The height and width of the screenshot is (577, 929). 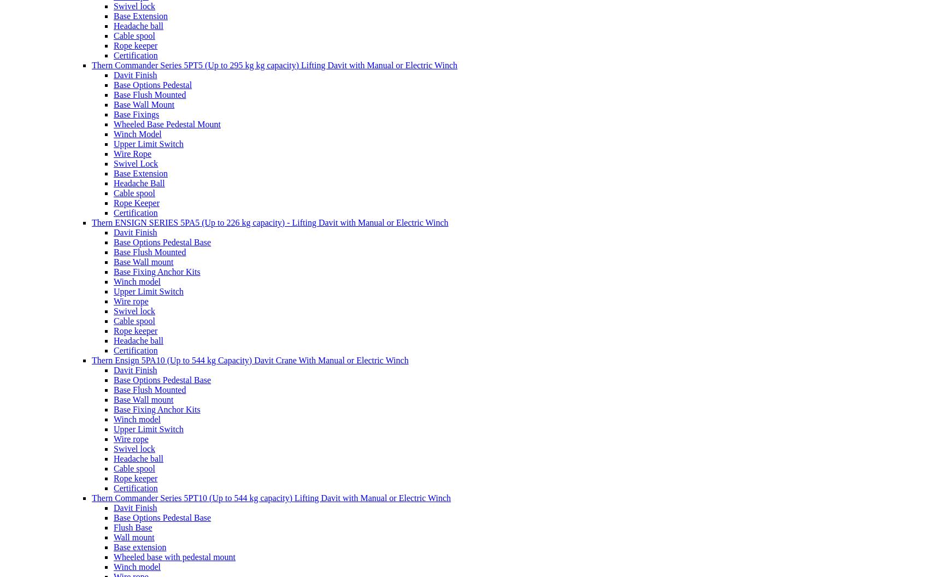 What do you see at coordinates (133, 537) in the screenshot?
I see `'Wall mount'` at bounding box center [133, 537].